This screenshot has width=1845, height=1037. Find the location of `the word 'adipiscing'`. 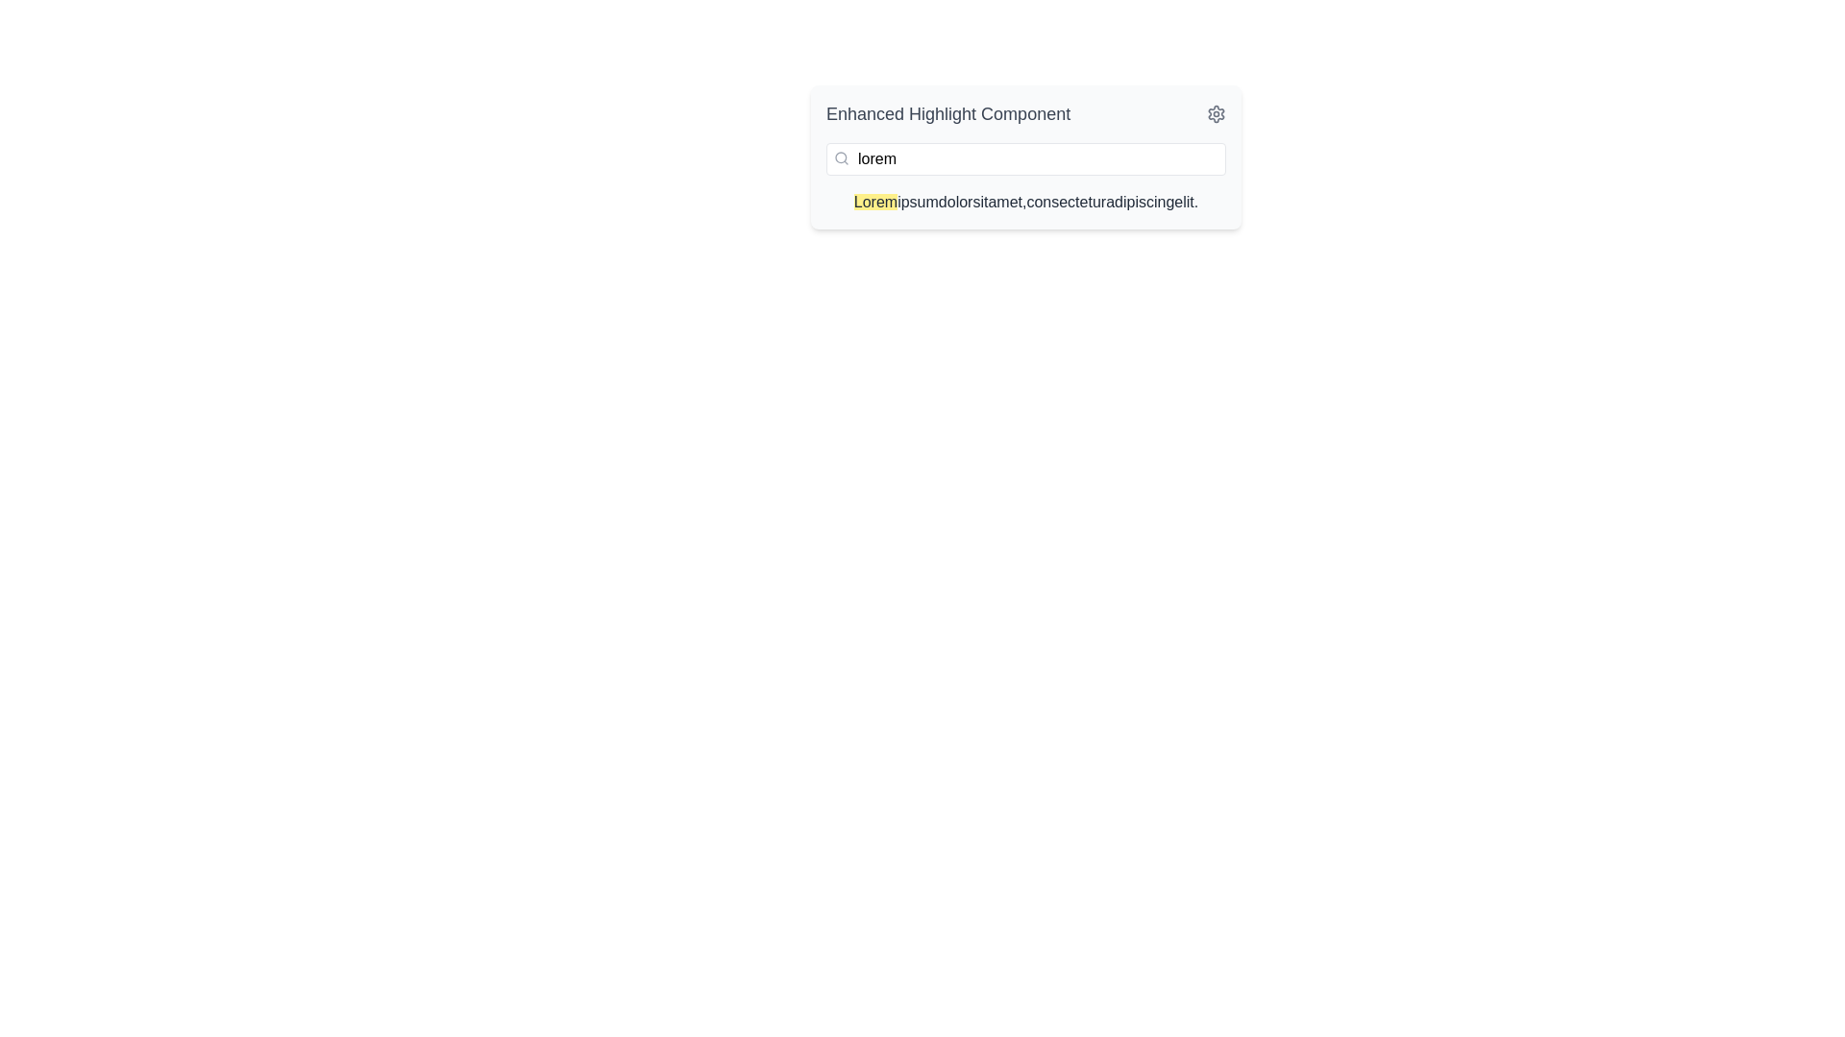

the word 'adipiscing' is located at coordinates (1140, 202).